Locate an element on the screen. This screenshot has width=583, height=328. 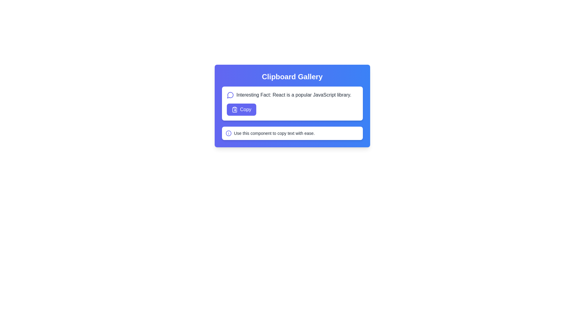
the 'Copy' button which is styled with an indigo background and contains the text 'Copy' in white, located slightly to the left of the center is located at coordinates (246, 110).